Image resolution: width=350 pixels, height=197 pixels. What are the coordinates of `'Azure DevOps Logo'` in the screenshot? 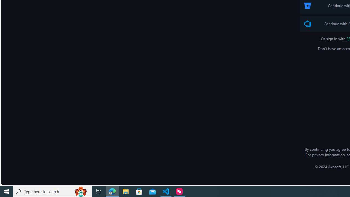 It's located at (308, 24).